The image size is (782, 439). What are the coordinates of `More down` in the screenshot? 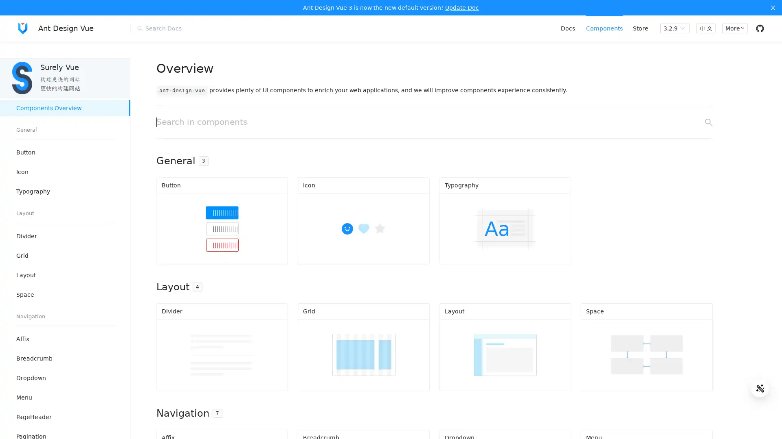 It's located at (734, 28).